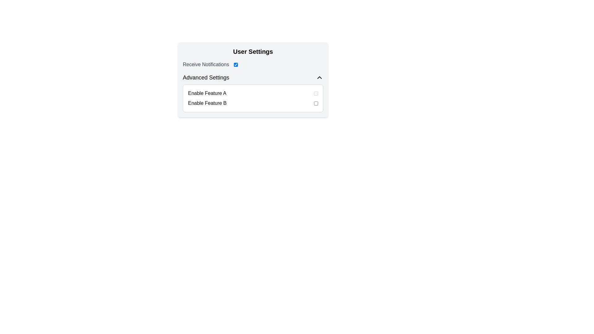 This screenshot has width=594, height=334. Describe the element at coordinates (316, 93) in the screenshot. I see `the checkbox toggle component located to the right of the 'Enable Feature A' label in the 'Advanced Settings' section of the 'User Settings' interface` at that location.